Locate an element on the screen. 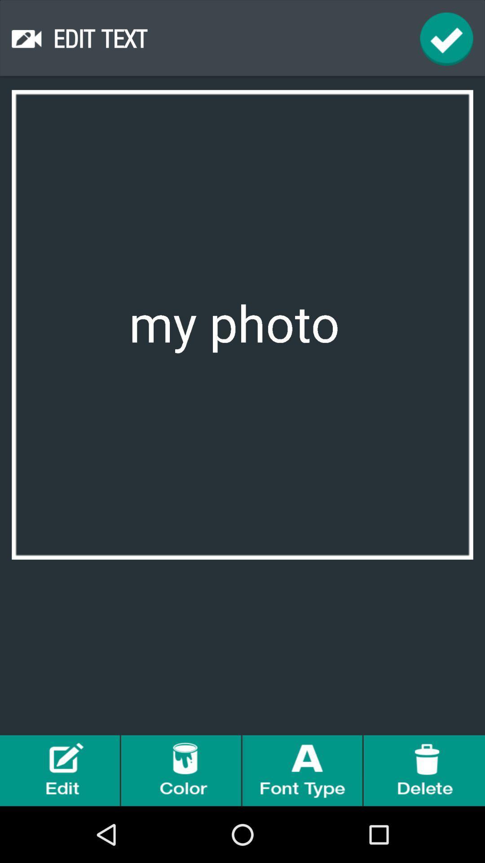  done buttom is located at coordinates (446, 38).